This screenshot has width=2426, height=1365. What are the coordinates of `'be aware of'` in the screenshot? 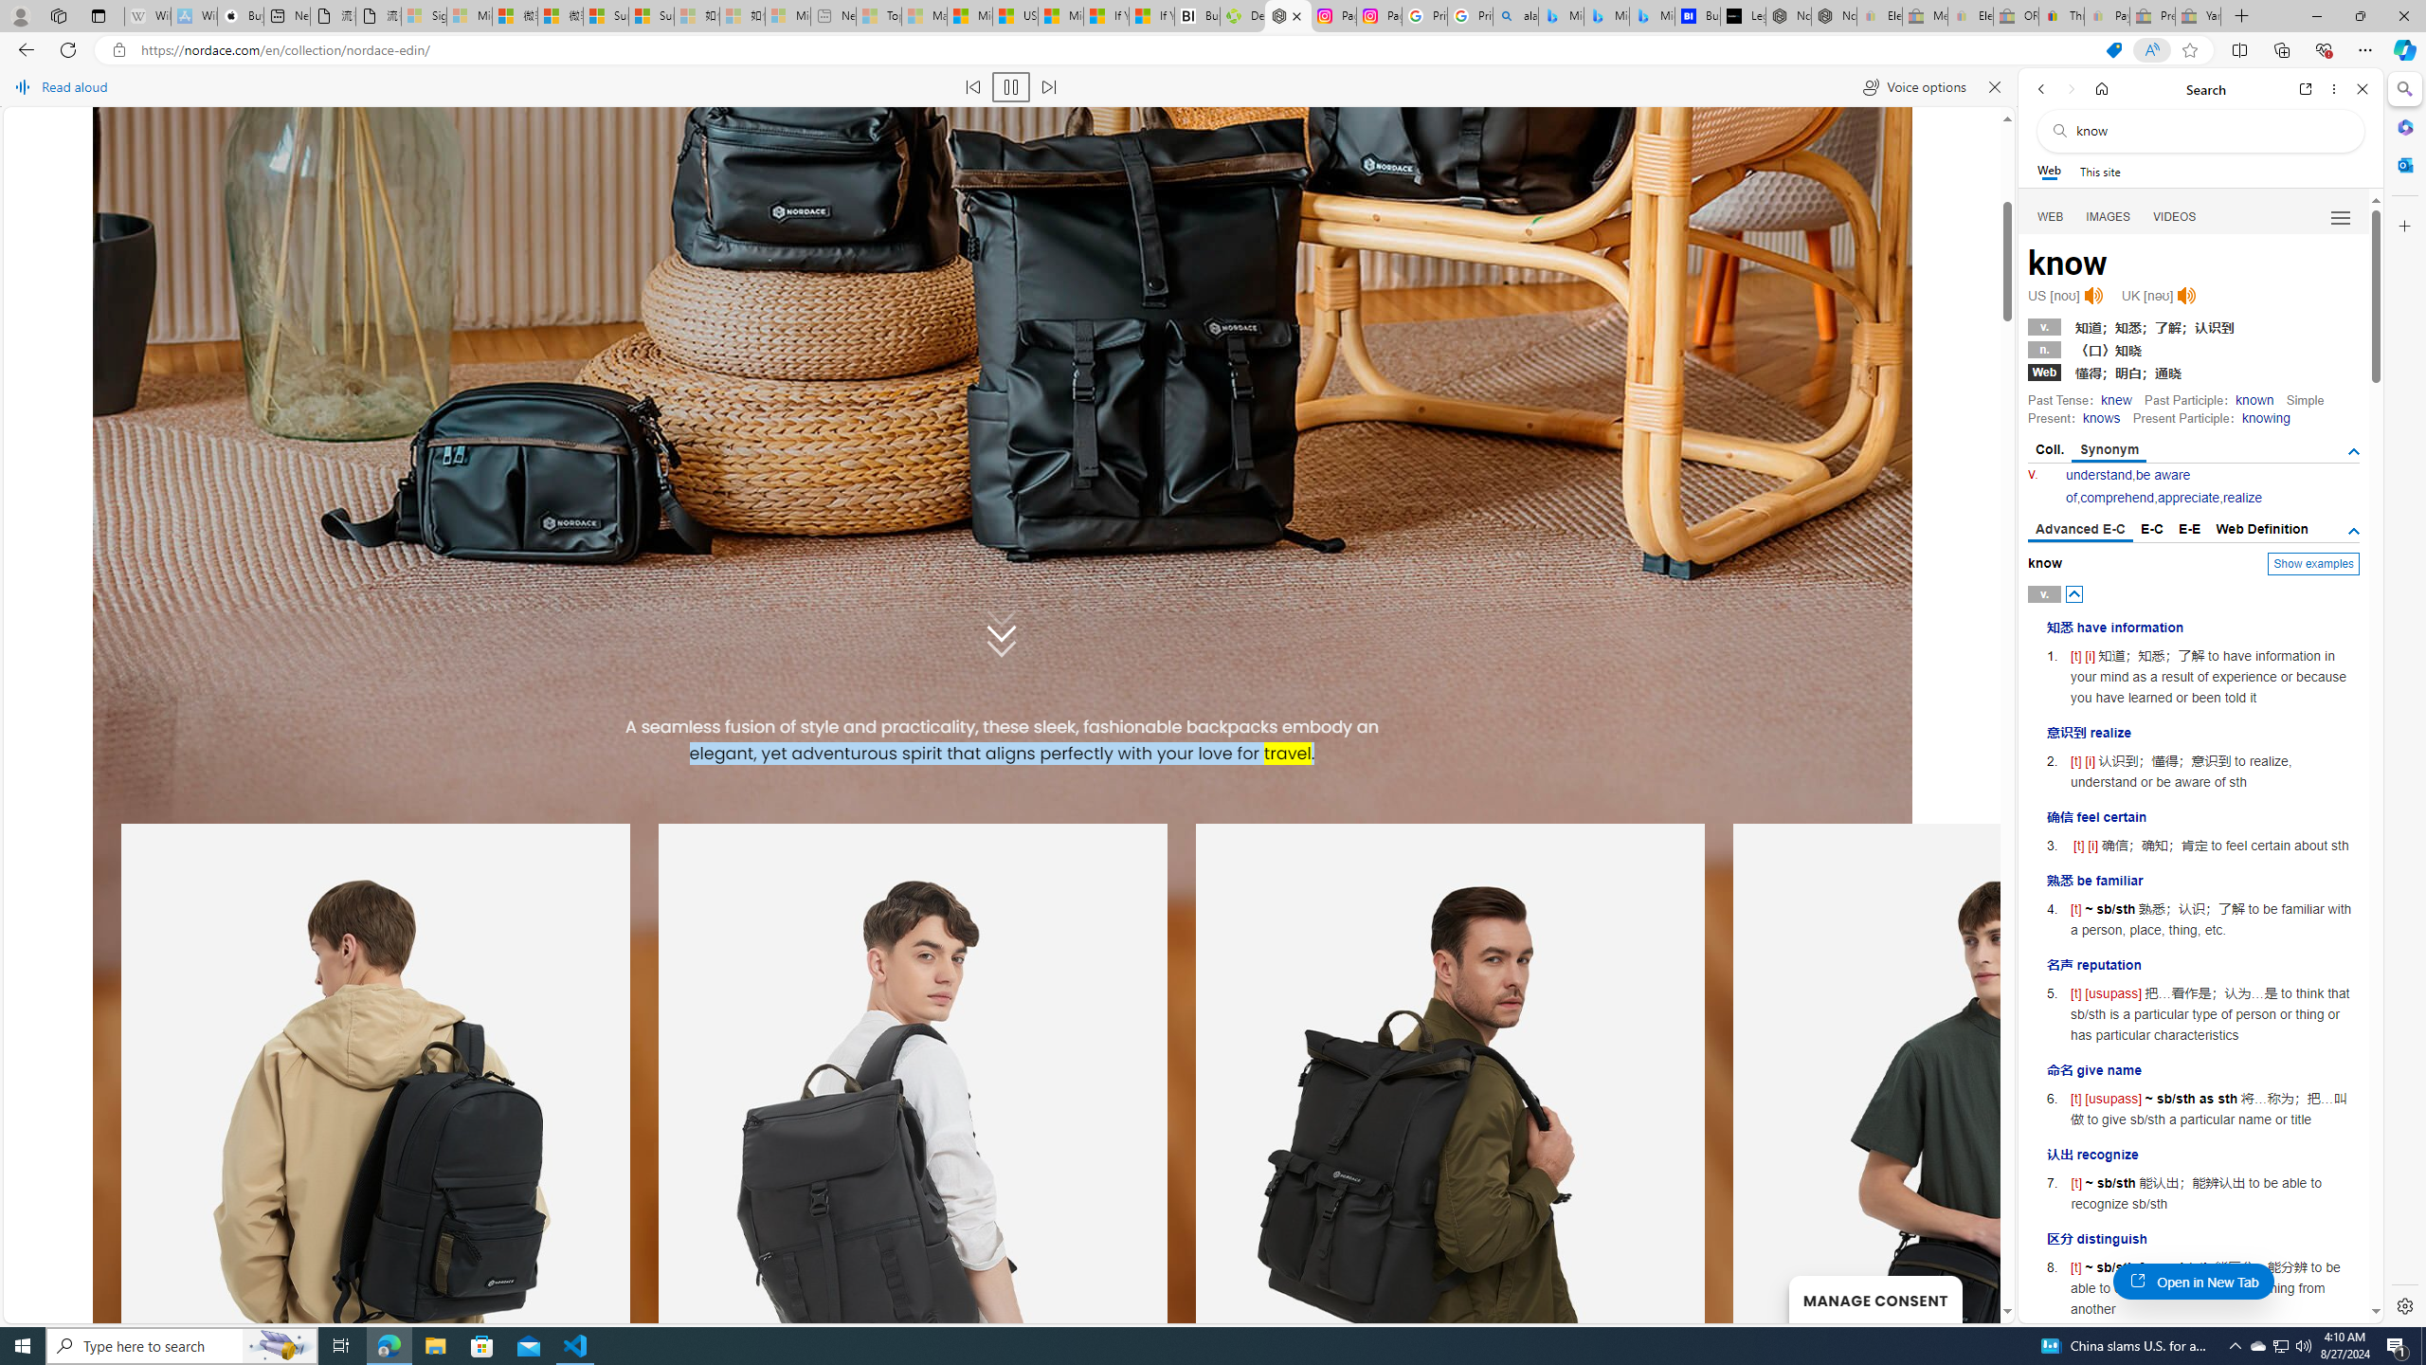 It's located at (2128, 486).